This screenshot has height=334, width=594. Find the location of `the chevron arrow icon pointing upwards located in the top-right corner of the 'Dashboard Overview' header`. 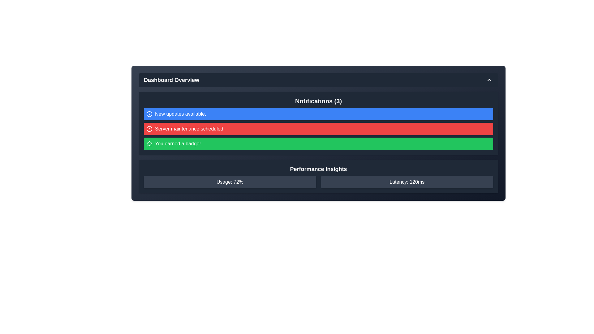

the chevron arrow icon pointing upwards located in the top-right corner of the 'Dashboard Overview' header is located at coordinates (489, 79).